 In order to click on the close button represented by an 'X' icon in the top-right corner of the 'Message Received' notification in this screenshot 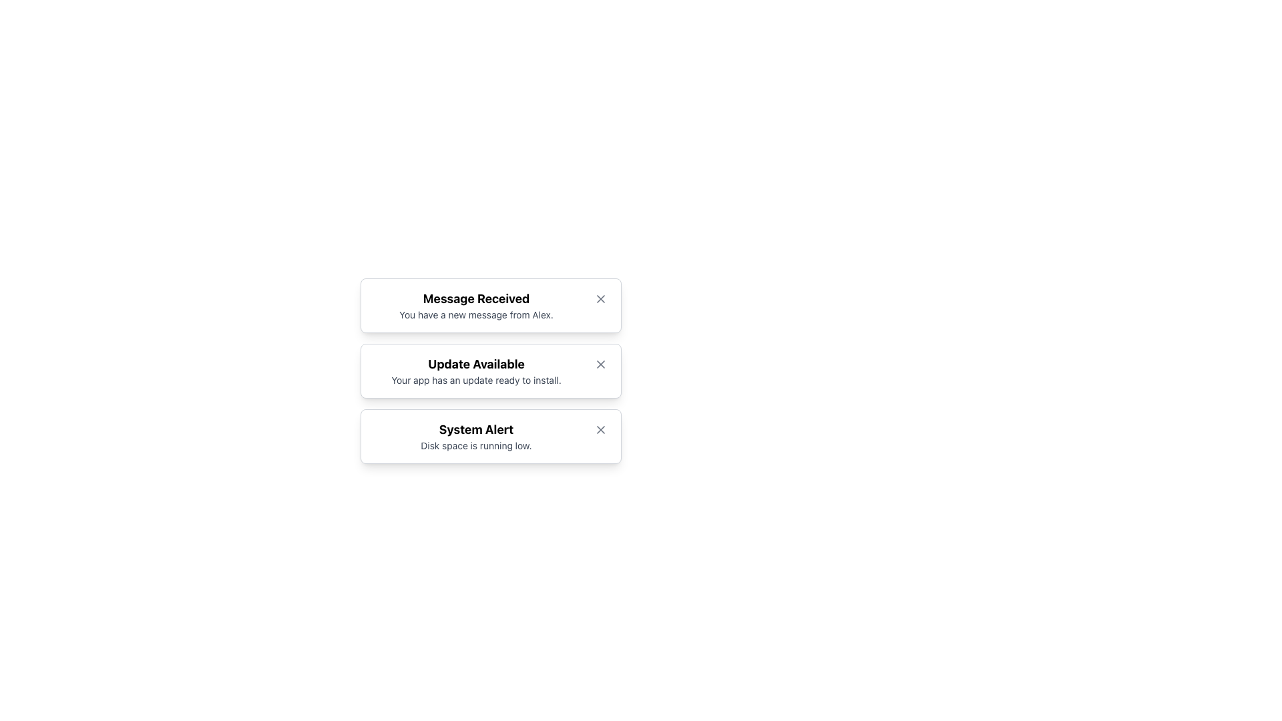, I will do `click(600, 298)`.